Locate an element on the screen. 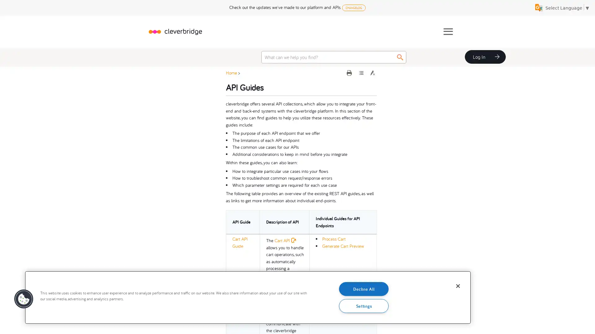 This screenshot has width=595, height=334. Remove Highlights is located at coordinates (372, 72).